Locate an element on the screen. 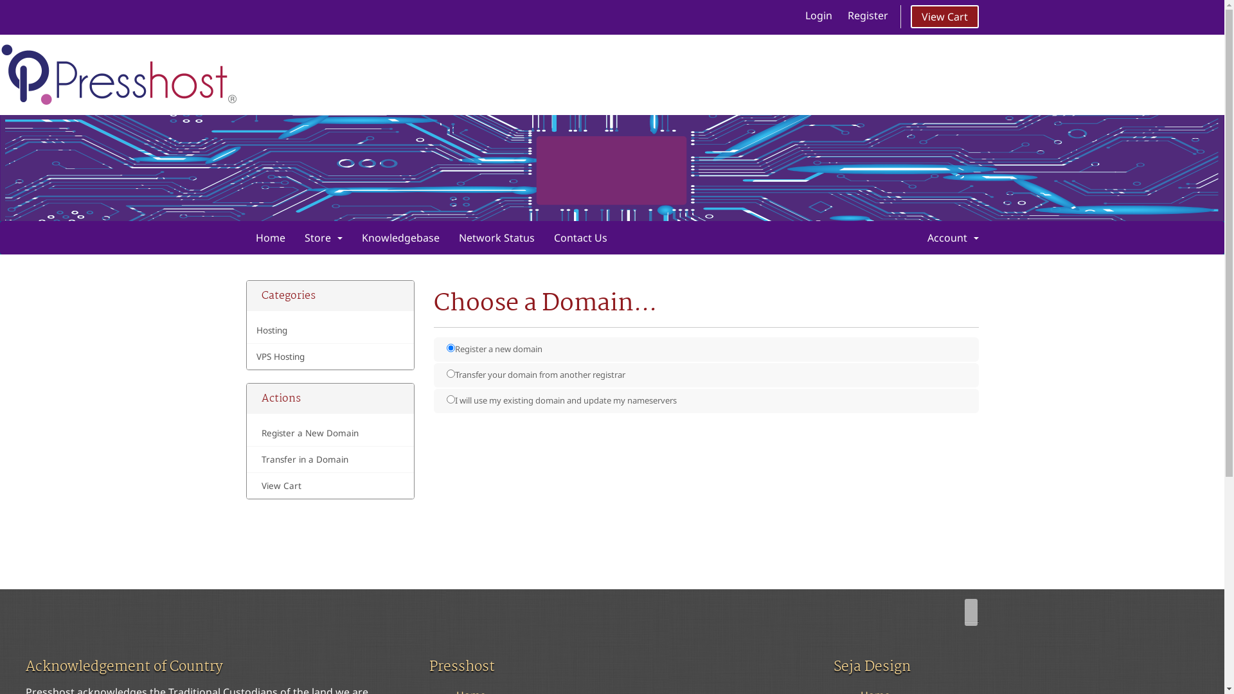 Image resolution: width=1234 pixels, height=694 pixels. 'VPS Hosting' is located at coordinates (330, 357).